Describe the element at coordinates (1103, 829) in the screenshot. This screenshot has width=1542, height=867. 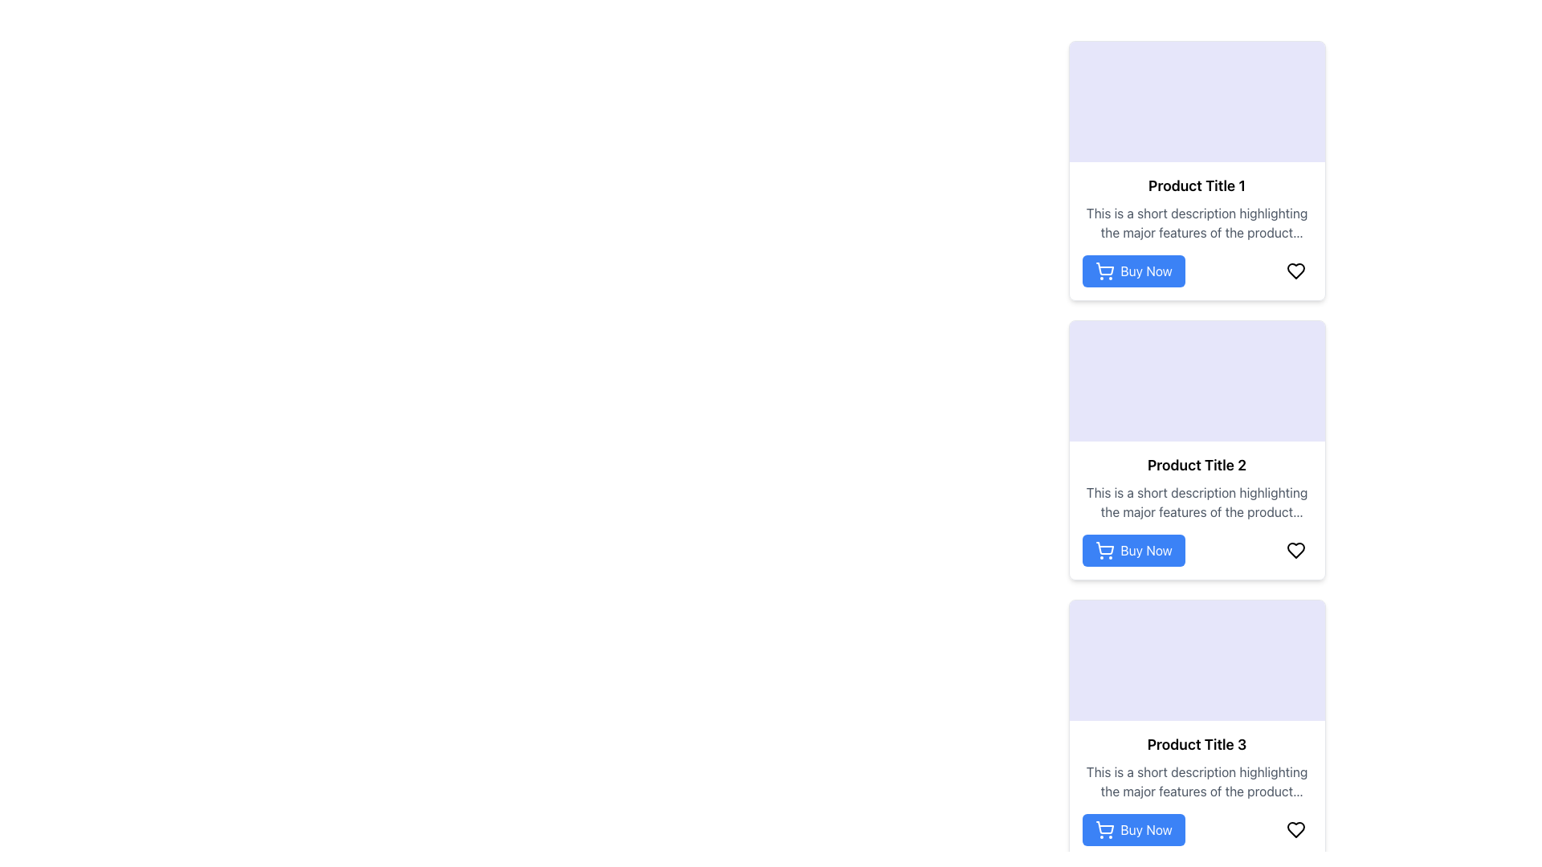
I see `the 'Buy Now' button containing the small shopping cart icon located in the third product card from the top in the right-hand column` at that location.